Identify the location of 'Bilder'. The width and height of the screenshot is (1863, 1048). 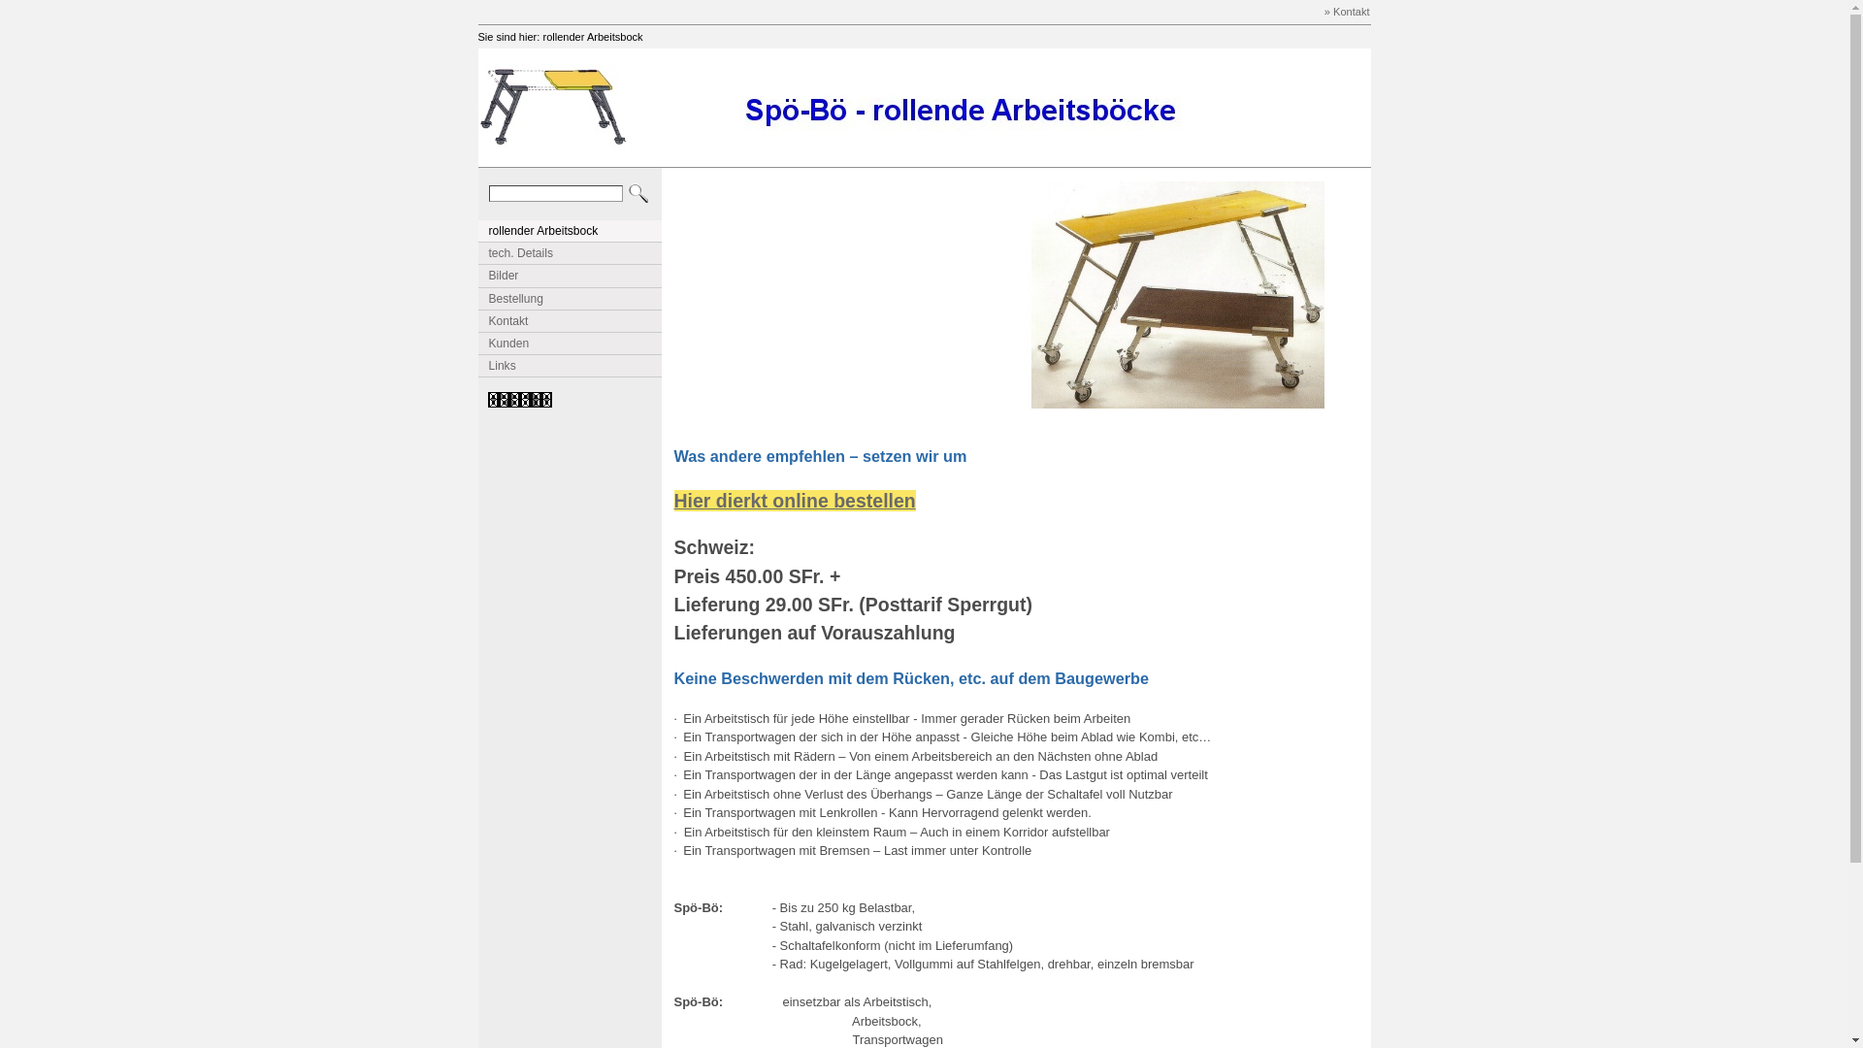
(569, 276).